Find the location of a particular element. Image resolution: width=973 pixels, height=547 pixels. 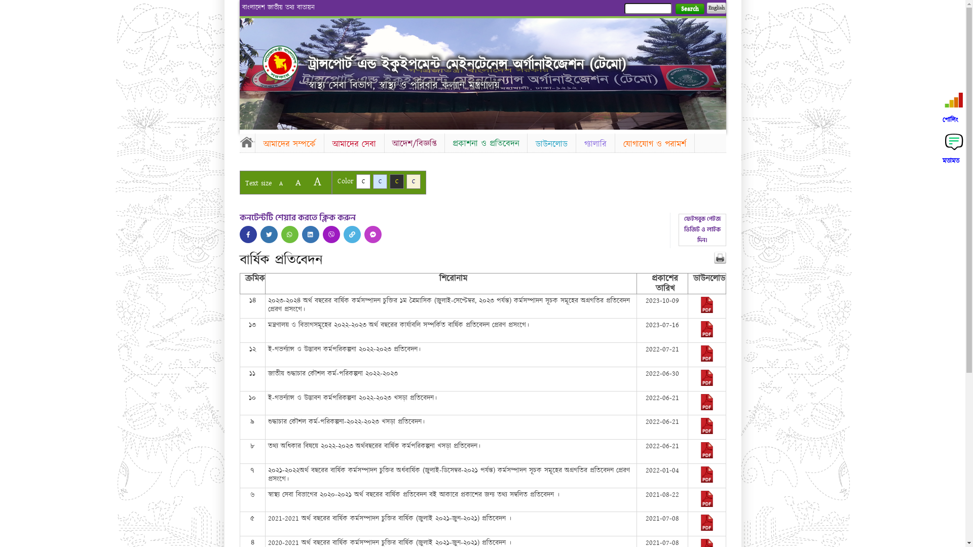

'C' is located at coordinates (362, 181).